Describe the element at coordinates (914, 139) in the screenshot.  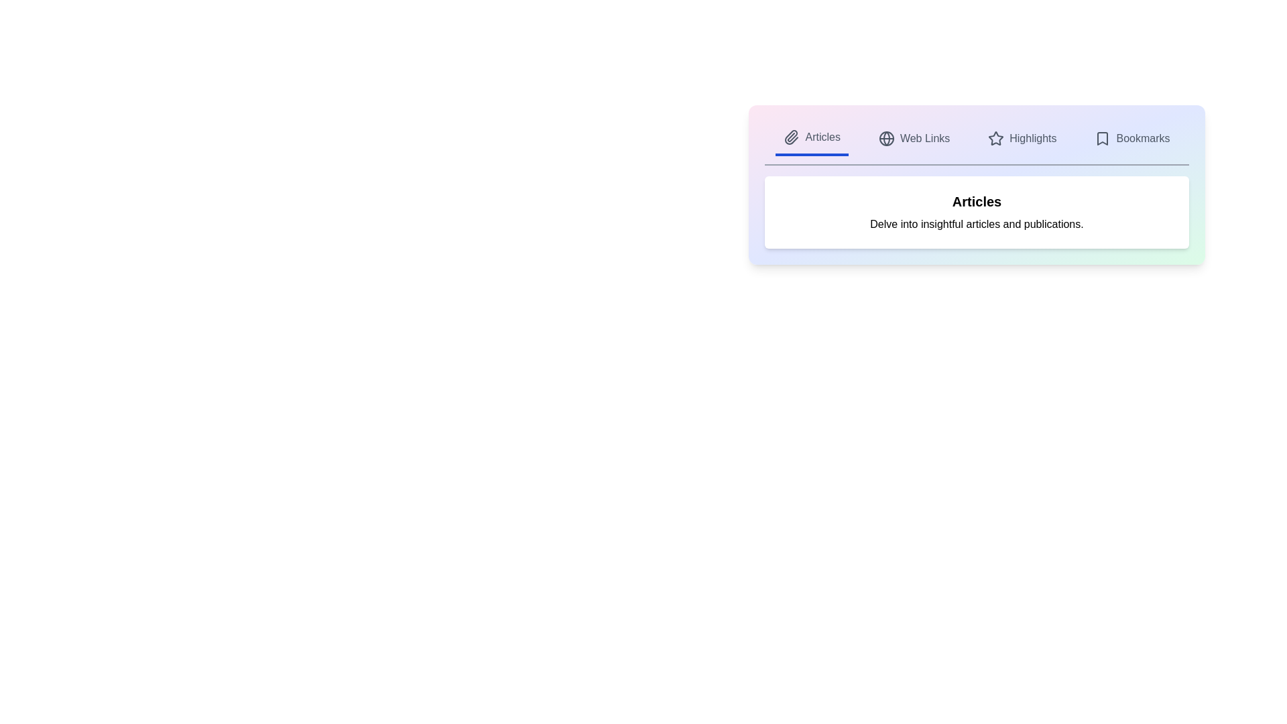
I see `the tab labeled Web Links` at that location.